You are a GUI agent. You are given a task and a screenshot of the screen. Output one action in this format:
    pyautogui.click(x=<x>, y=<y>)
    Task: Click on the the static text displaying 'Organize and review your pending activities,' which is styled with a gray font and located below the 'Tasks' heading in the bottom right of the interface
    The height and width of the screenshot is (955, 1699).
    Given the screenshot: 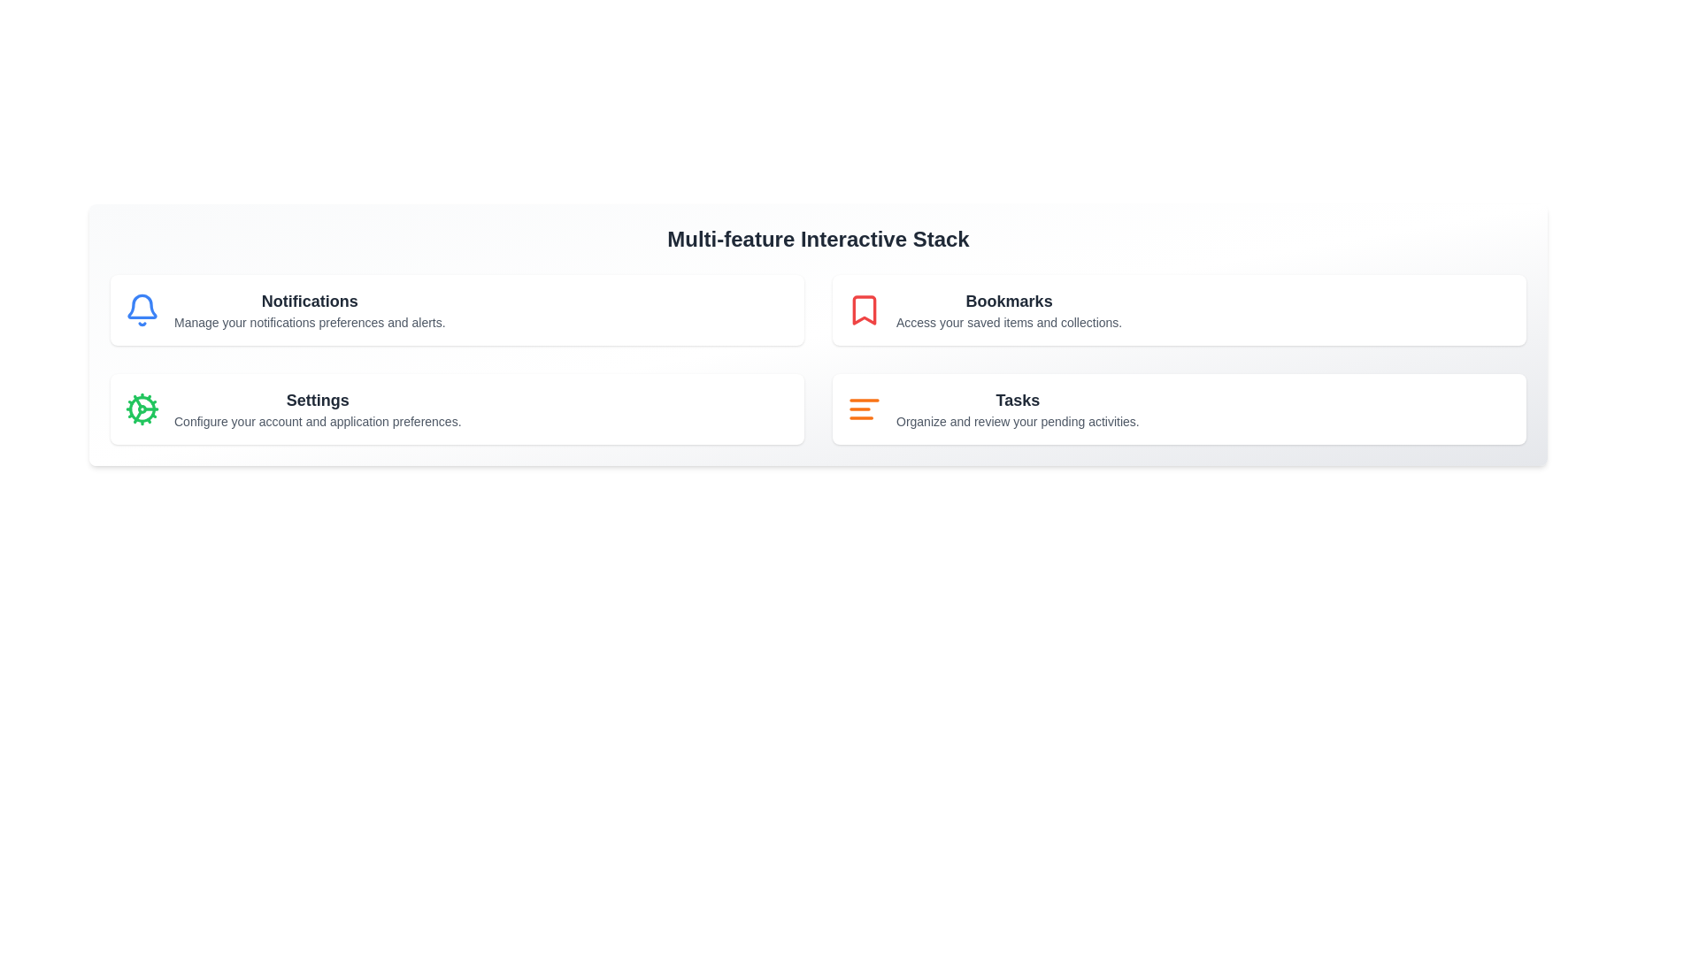 What is the action you would take?
    pyautogui.click(x=1018, y=422)
    